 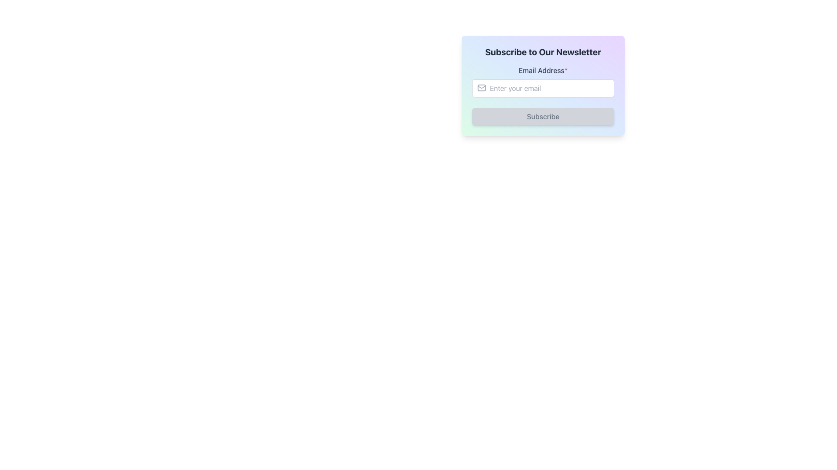 What do you see at coordinates (566, 70) in the screenshot?
I see `the static indicator (asterisk) located to the right of the 'Email Address' label, indicating that the field is mandatory` at bounding box center [566, 70].